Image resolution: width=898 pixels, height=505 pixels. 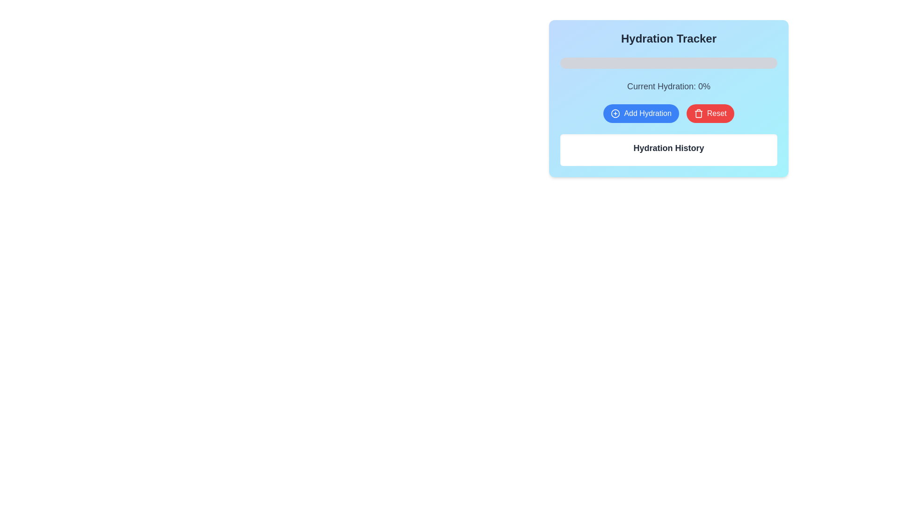 What do you see at coordinates (616, 113) in the screenshot?
I see `the hydration tracking icon located to the left of the 'Add Hydration' text label` at bounding box center [616, 113].